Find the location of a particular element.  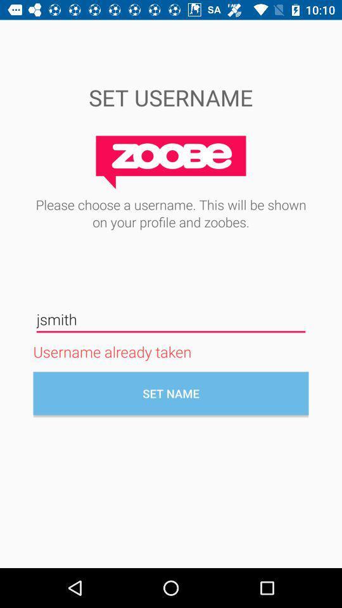

the icon below username already taken is located at coordinates (171, 393).